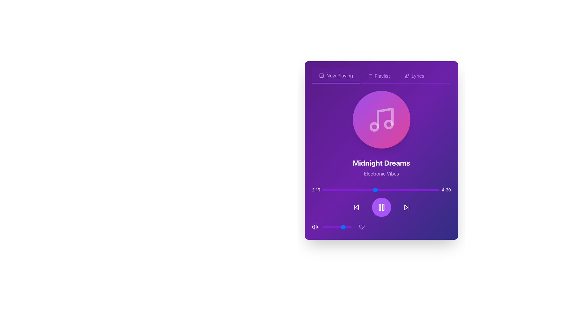  What do you see at coordinates (361, 227) in the screenshot?
I see `the heart-shaped outline icon in the music player interface` at bounding box center [361, 227].